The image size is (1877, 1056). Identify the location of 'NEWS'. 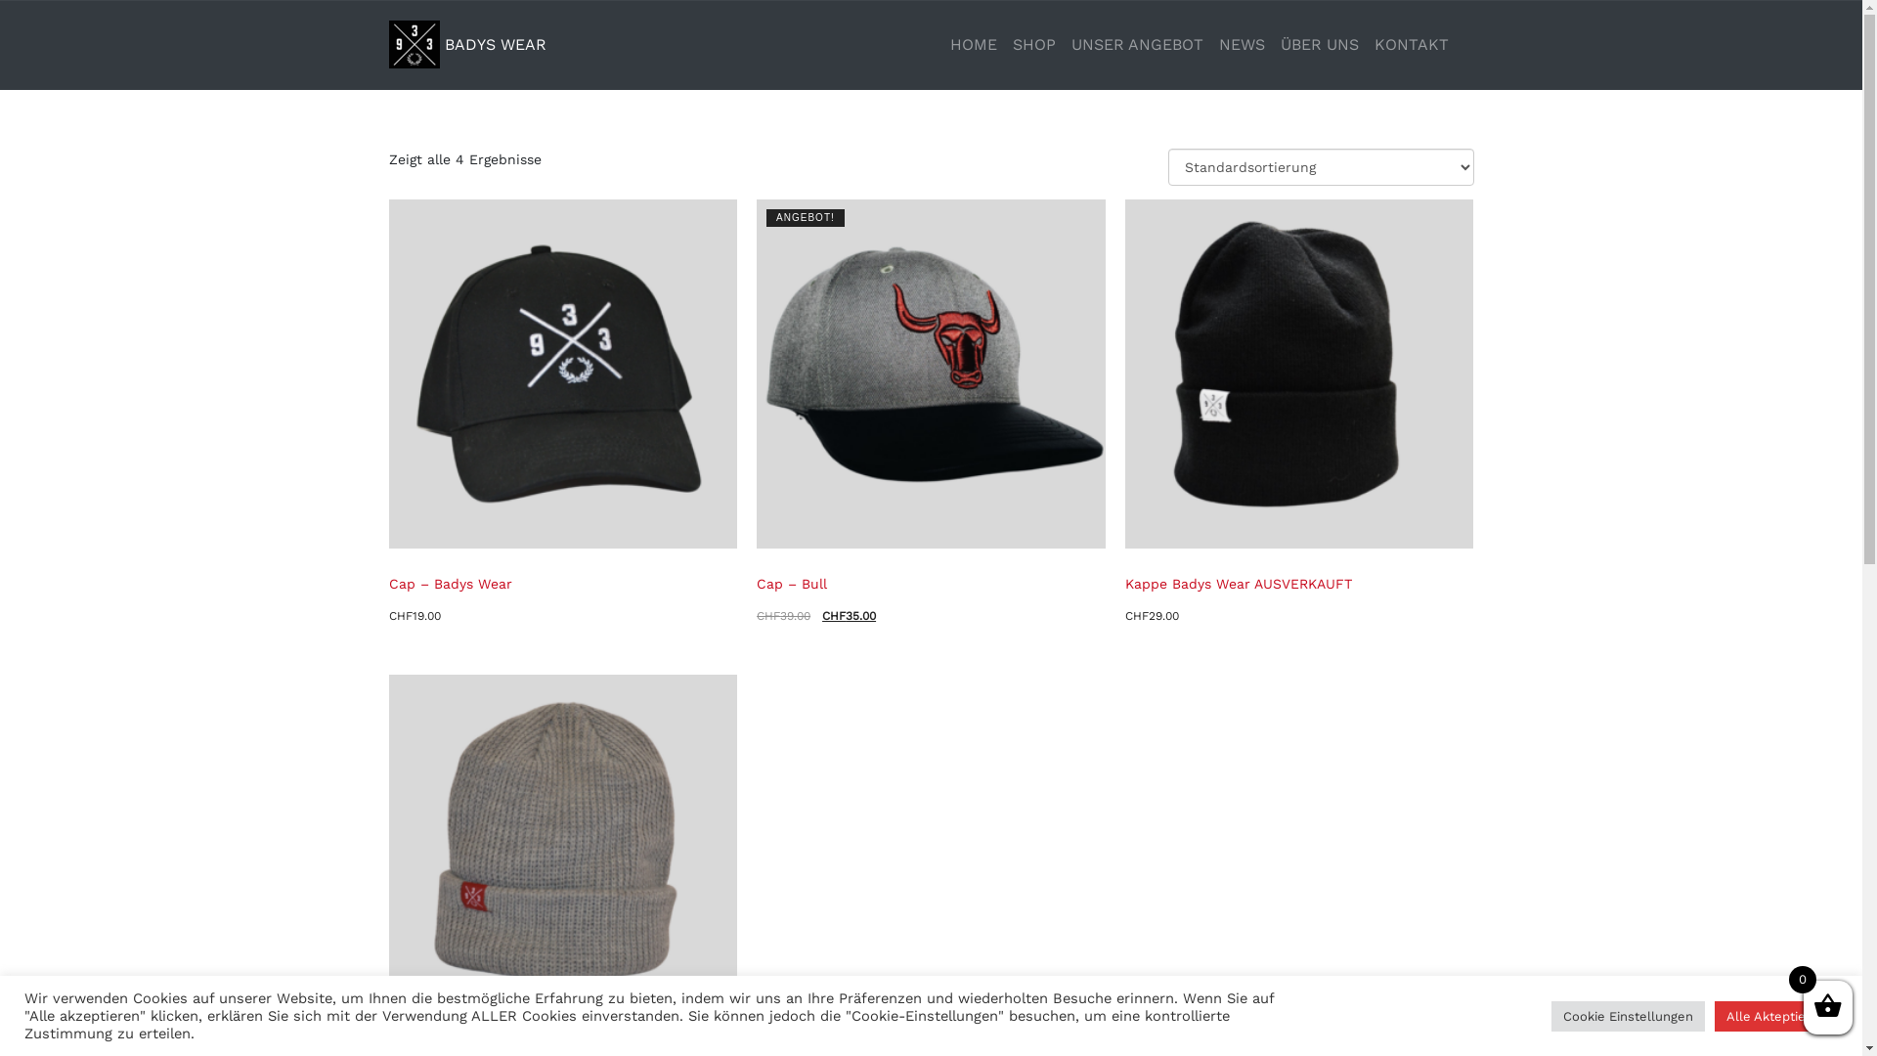
(1241, 44).